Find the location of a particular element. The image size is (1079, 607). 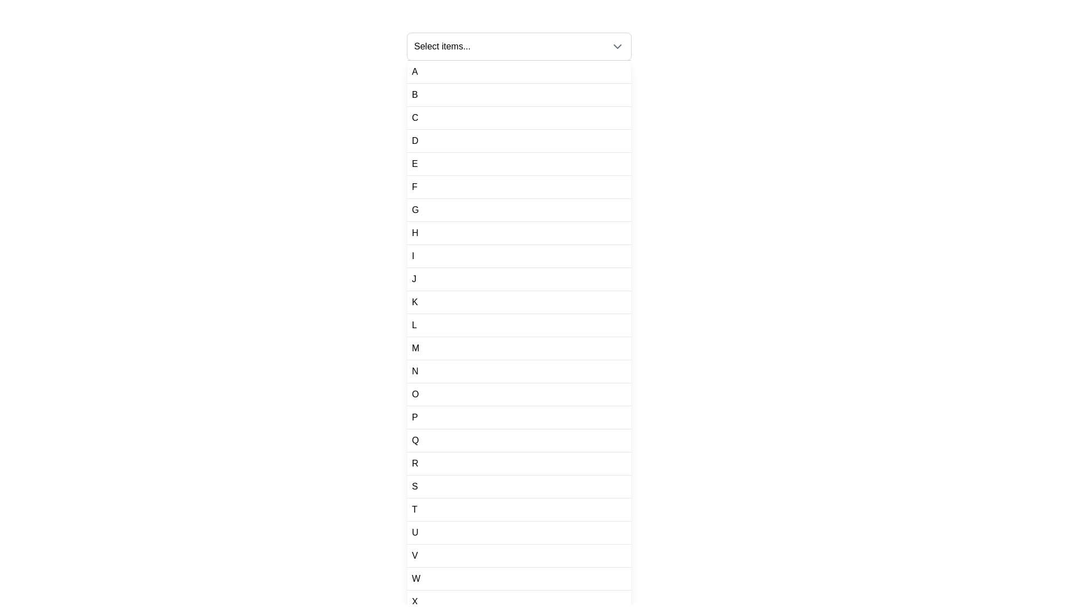

the second item in the alphabetical dropdown menu, which is positioned below 'A' and above 'C' is located at coordinates (519, 94).